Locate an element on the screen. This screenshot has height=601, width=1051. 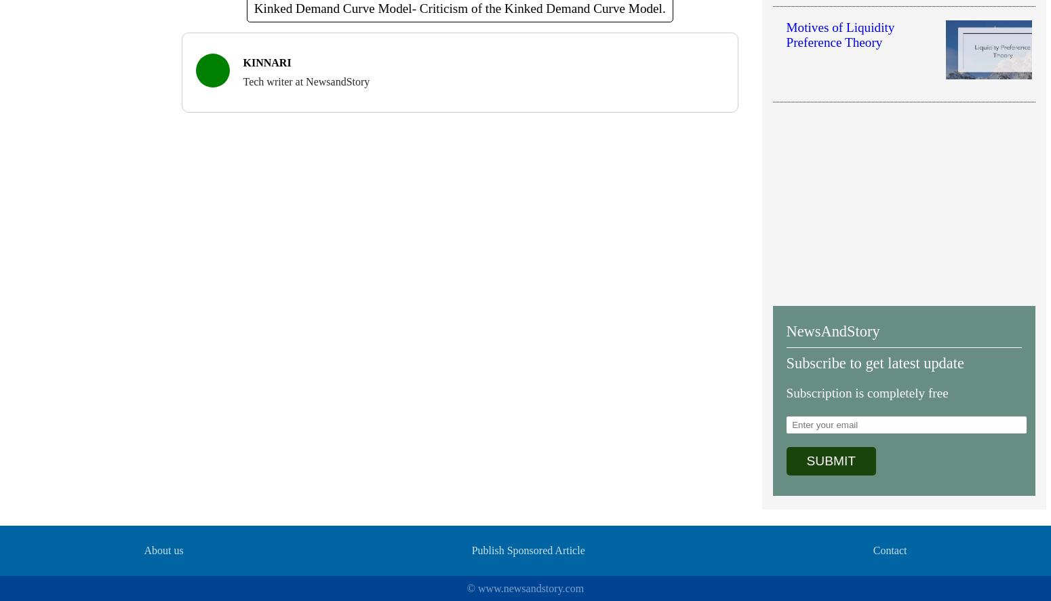
'Motives of Liquidity Preference Theory' is located at coordinates (840, 34).